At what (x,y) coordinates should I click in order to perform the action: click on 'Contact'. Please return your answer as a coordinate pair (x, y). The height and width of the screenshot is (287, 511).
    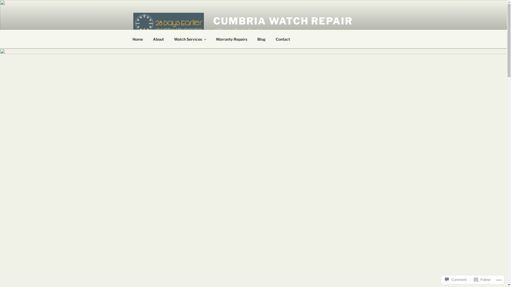
    Looking at the image, I should click on (282, 39).